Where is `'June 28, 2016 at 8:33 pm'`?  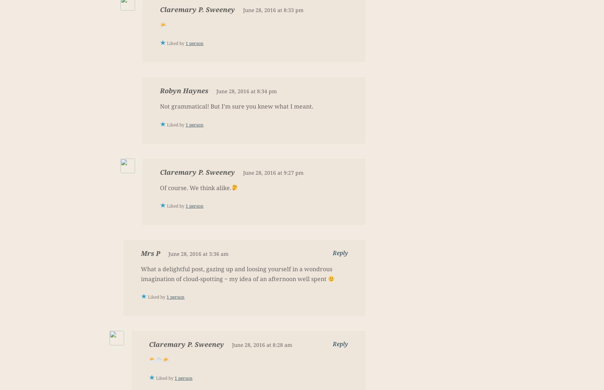
'June 28, 2016 at 8:33 pm' is located at coordinates (273, 10).